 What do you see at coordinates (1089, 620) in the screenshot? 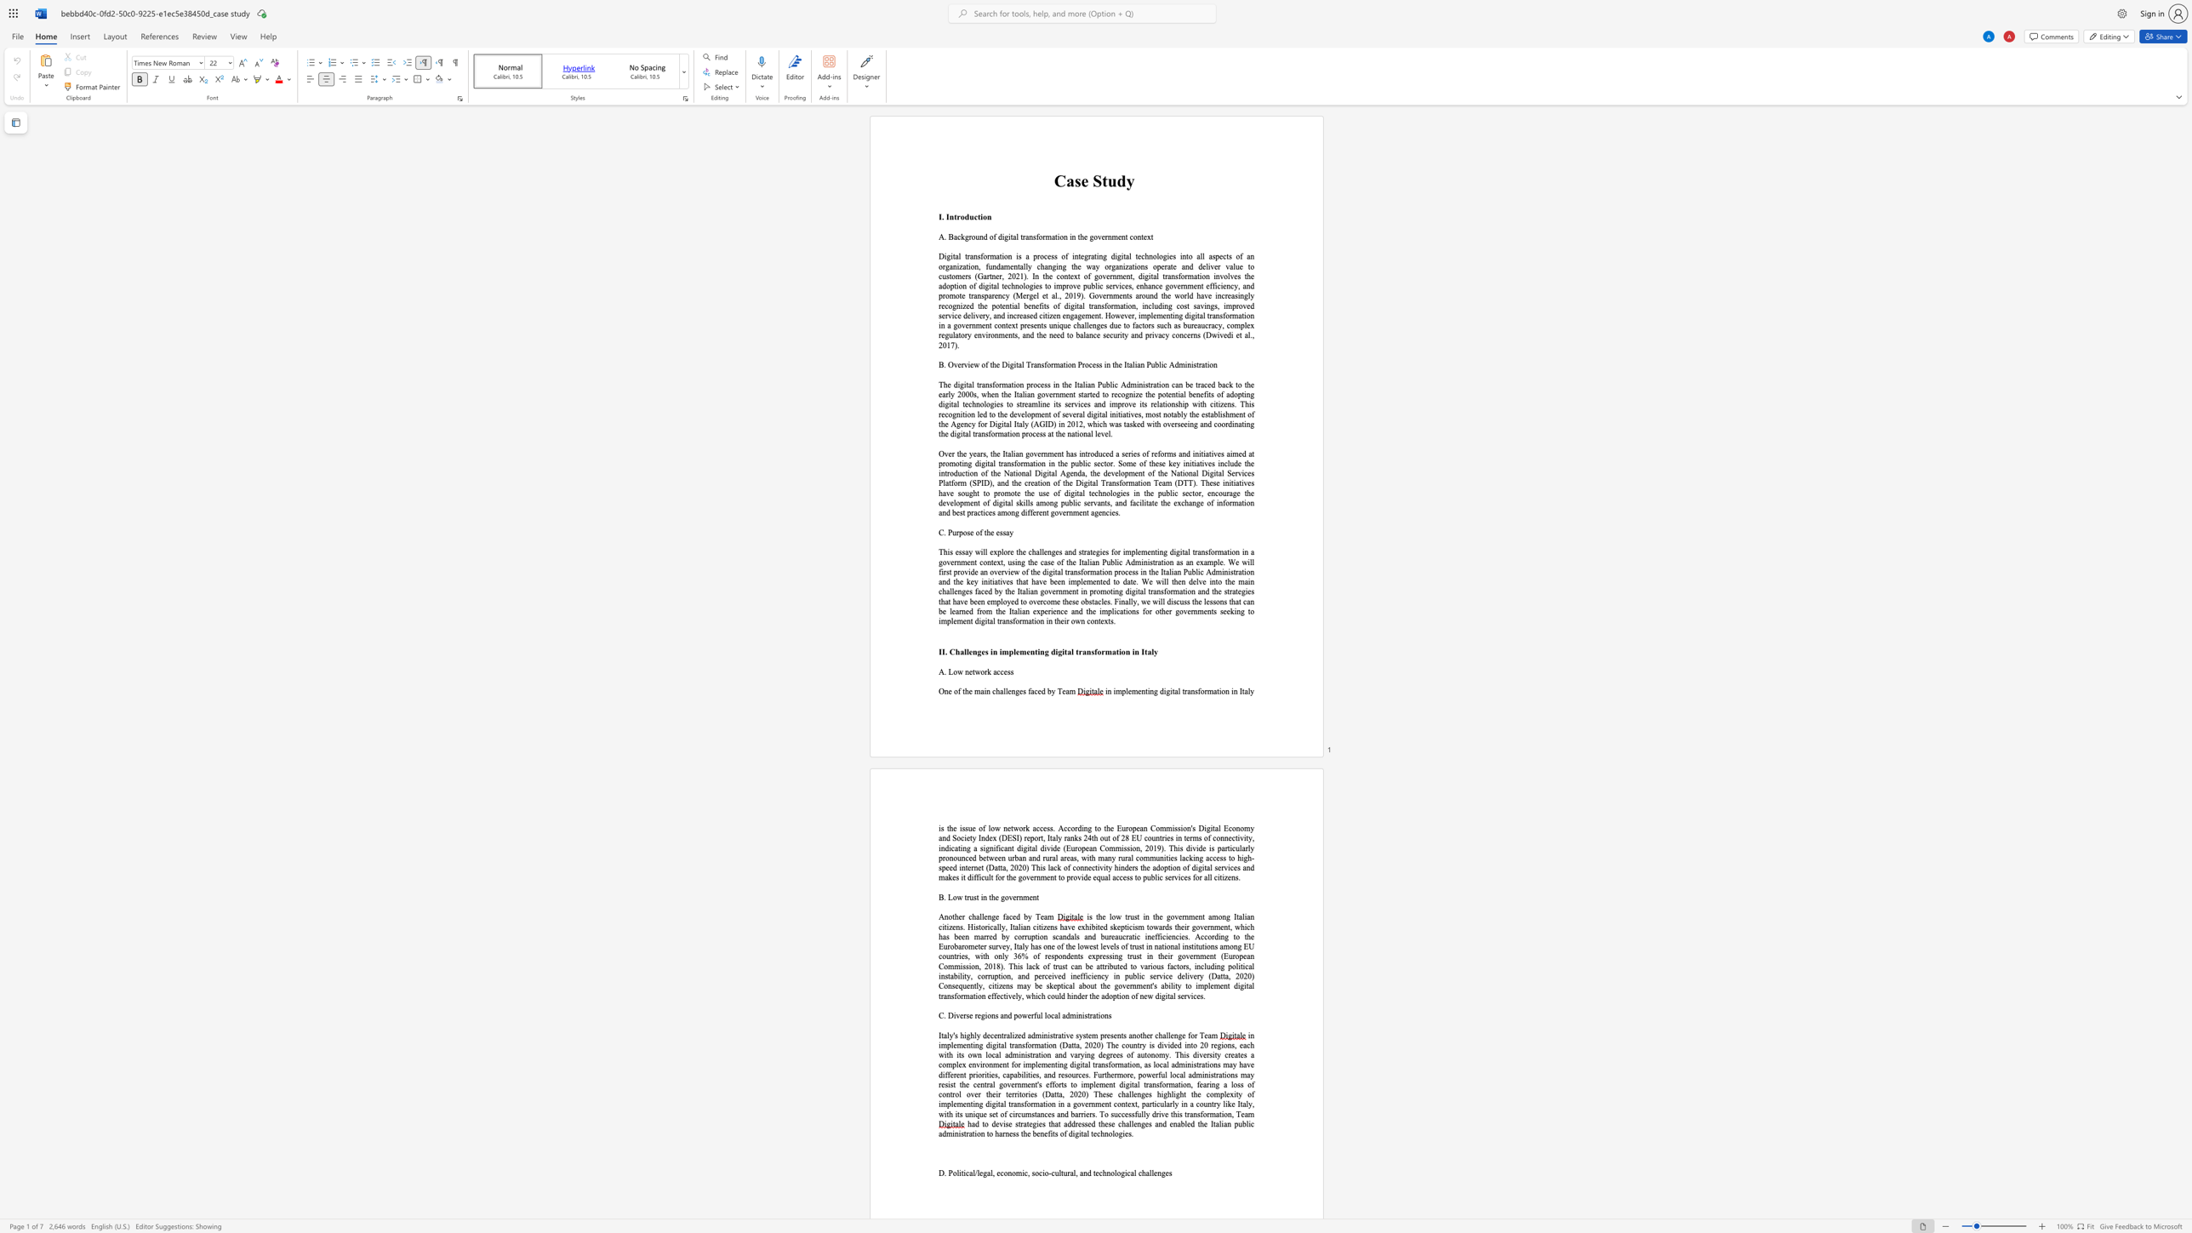
I see `the subset text "onte" within the text "to implement digital transformation in their own contexts."` at bounding box center [1089, 620].